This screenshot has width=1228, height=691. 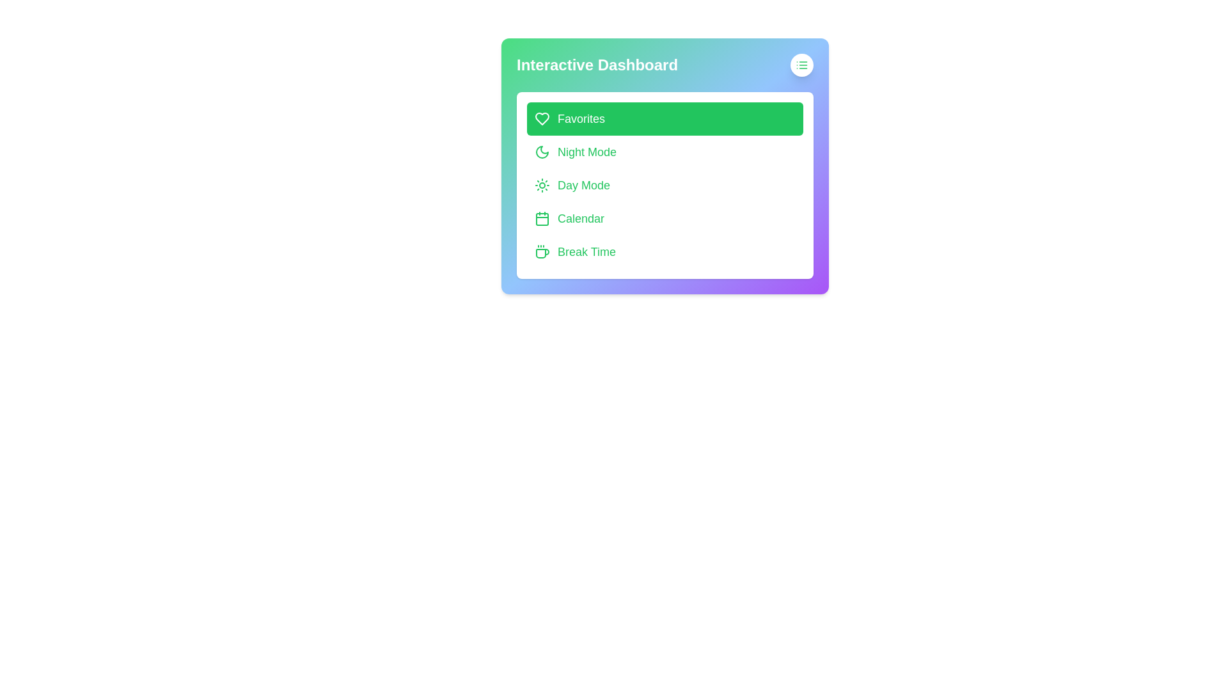 I want to click on the menu item Night Mode to observe its hover effect, so click(x=665, y=152).